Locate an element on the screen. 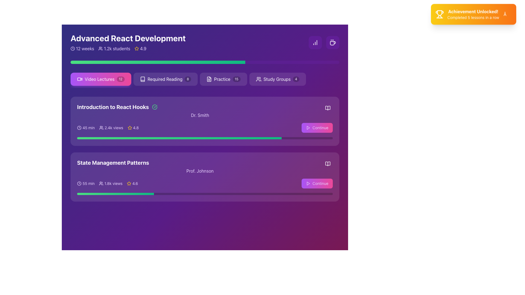 The height and width of the screenshot is (295, 525). the triangular play icon located inside the pinkish 'Continue' button at the lower-right corner of the 'Introduction to React Hooks' section is located at coordinates (308, 183).